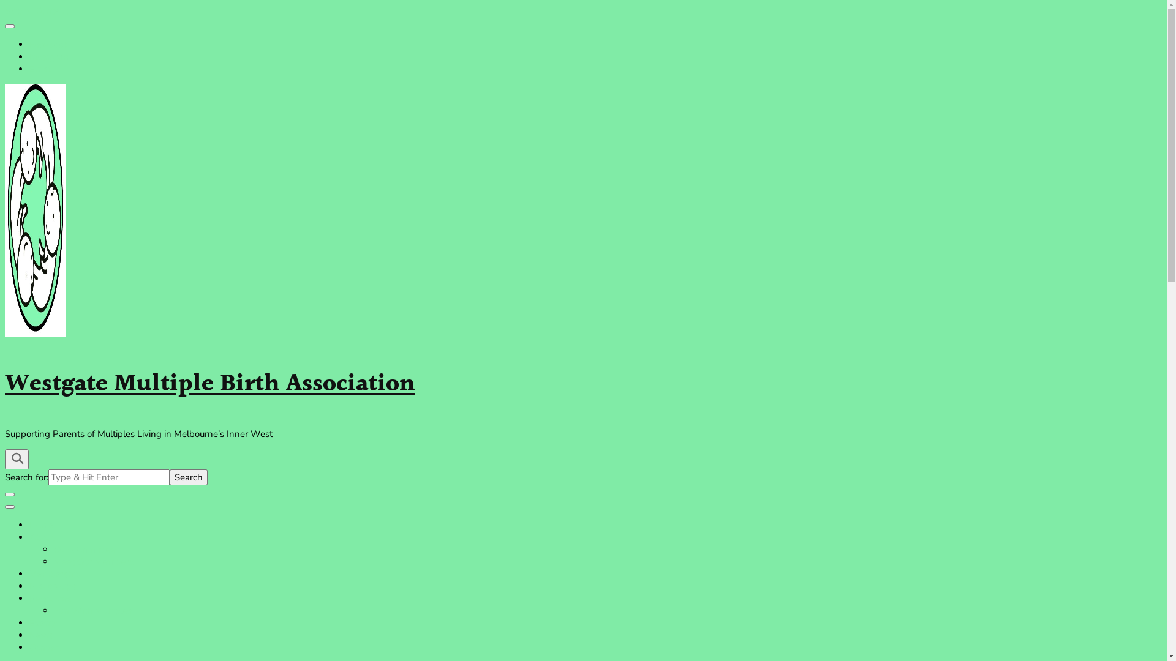  I want to click on 'Facebook', so click(49, 44).